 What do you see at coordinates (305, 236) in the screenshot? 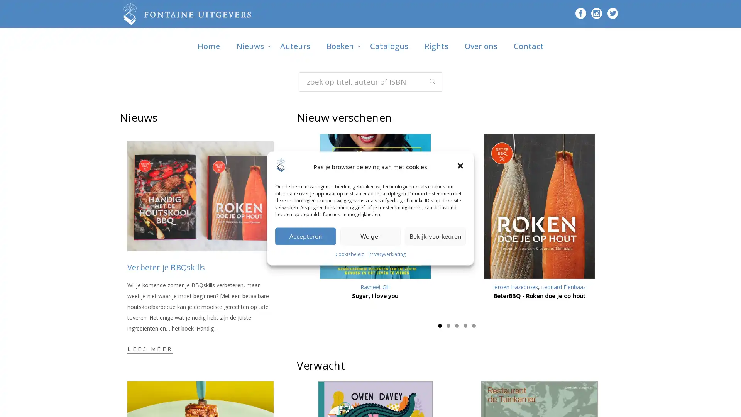
I see `Accepteren` at bounding box center [305, 236].